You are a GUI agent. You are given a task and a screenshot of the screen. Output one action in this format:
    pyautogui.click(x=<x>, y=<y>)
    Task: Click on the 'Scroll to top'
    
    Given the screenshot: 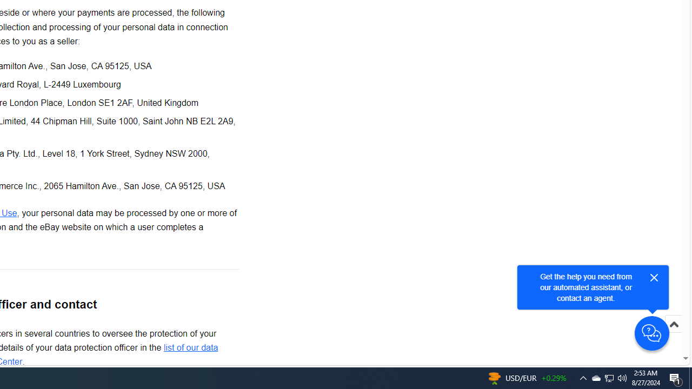 What is the action you would take?
    pyautogui.click(x=673, y=335)
    